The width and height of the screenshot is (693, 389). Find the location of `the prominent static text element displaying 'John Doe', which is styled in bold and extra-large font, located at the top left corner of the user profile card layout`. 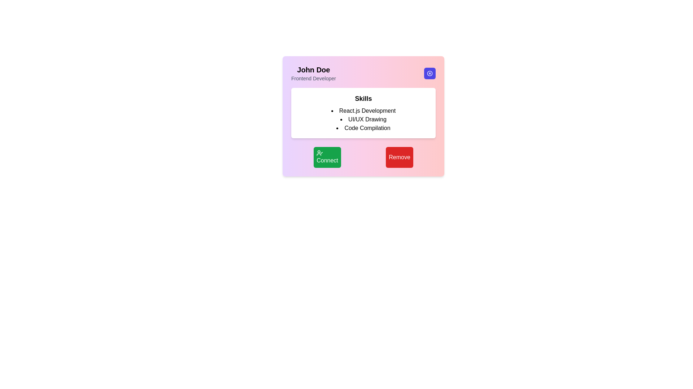

the prominent static text element displaying 'John Doe', which is styled in bold and extra-large font, located at the top left corner of the user profile card layout is located at coordinates (313, 70).